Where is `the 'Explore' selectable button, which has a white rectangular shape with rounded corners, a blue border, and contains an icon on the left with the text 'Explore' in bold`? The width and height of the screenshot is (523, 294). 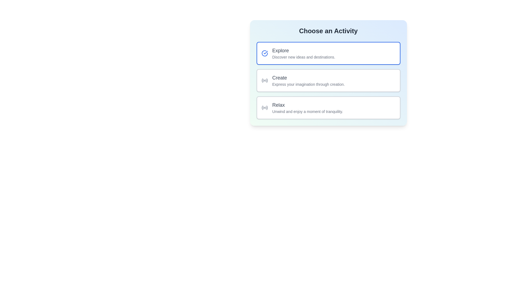 the 'Explore' selectable button, which has a white rectangular shape with rounded corners, a blue border, and contains an icon on the left with the text 'Explore' in bold is located at coordinates (328, 53).